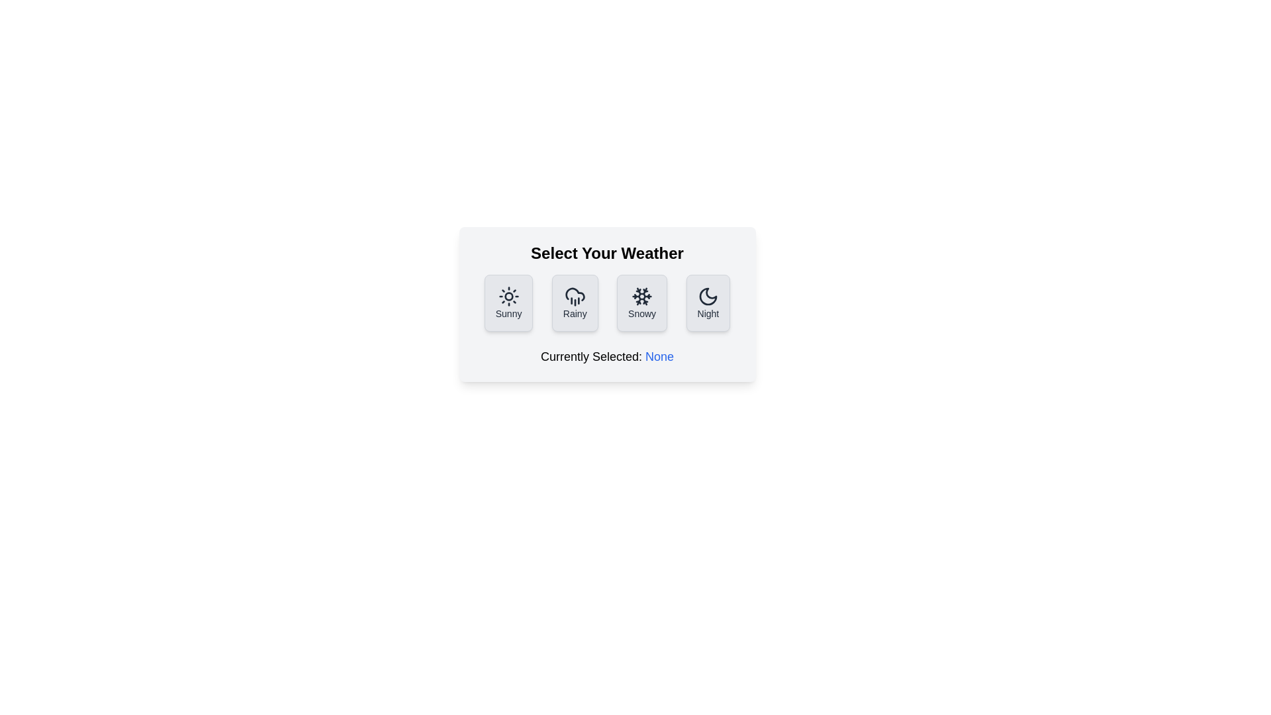 This screenshot has width=1271, height=715. What do you see at coordinates (575, 303) in the screenshot?
I see `the 'Rainy' weather condition button, which is the second option in a horizontal row of weather selections` at bounding box center [575, 303].